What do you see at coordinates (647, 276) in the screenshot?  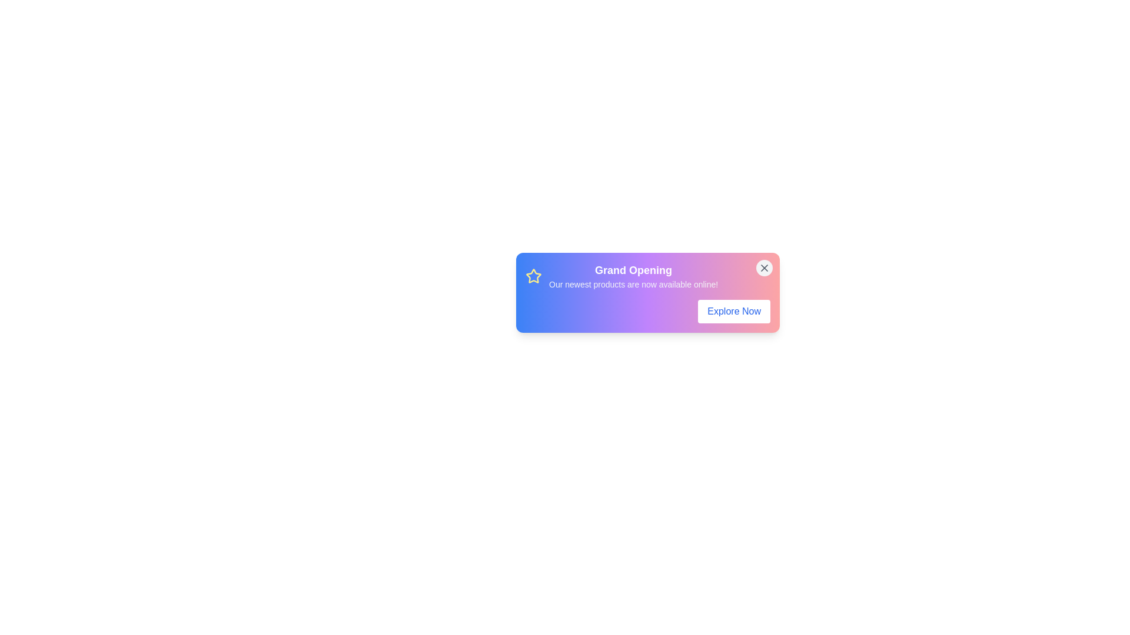 I see `the Informative banner featuring a yellow star icon, the title 'Grand Opening', and the descriptive text 'Our newest products are now available online!', located below the close button and above the 'Explore Now' button` at bounding box center [647, 276].